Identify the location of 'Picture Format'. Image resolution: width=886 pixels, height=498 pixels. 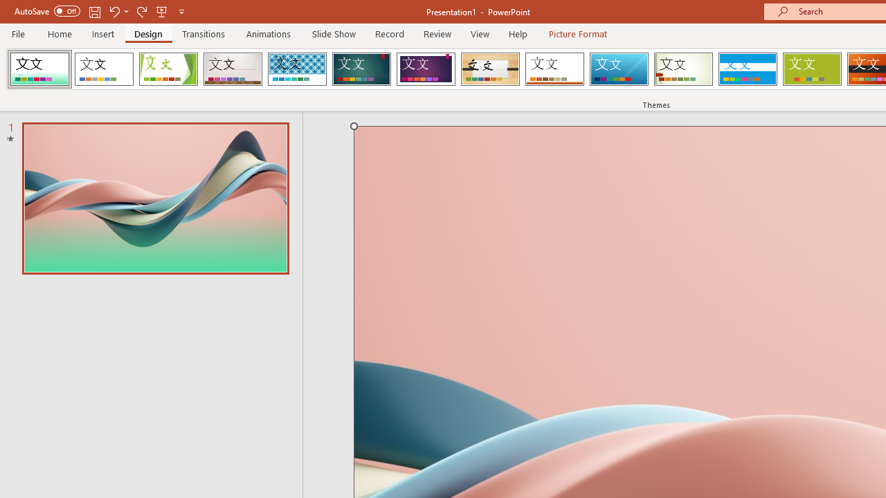
(578, 33).